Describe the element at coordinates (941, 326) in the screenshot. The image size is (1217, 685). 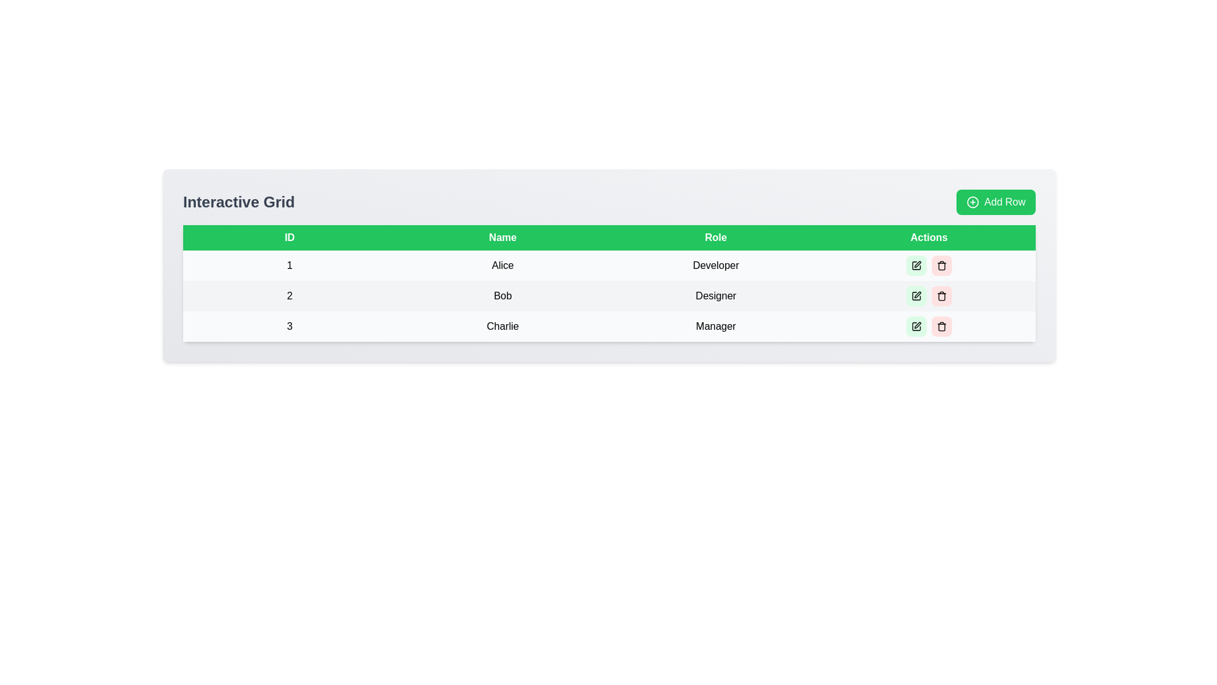
I see `the delete button with a trash can icon in the Actions column for the third row, which is adjacent to the green edit button` at that location.